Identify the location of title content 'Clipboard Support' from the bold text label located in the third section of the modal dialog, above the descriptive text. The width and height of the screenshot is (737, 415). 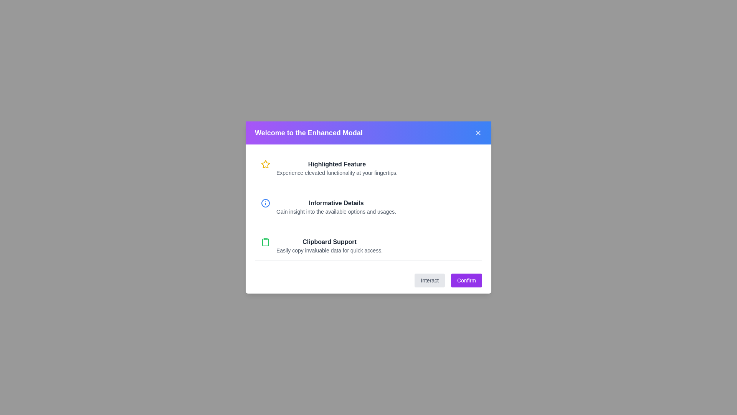
(329, 241).